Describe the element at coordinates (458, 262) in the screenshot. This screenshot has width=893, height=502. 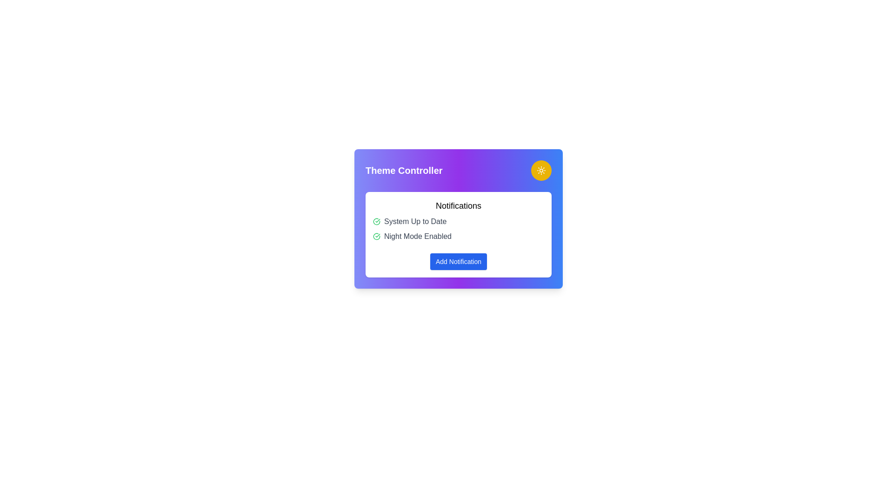
I see `the button located at the bottom center of the 'Notifications' card, which is used to trigger the action for adding a new notification and is positioned directly below the text 'Night Mode Enabled'` at that location.